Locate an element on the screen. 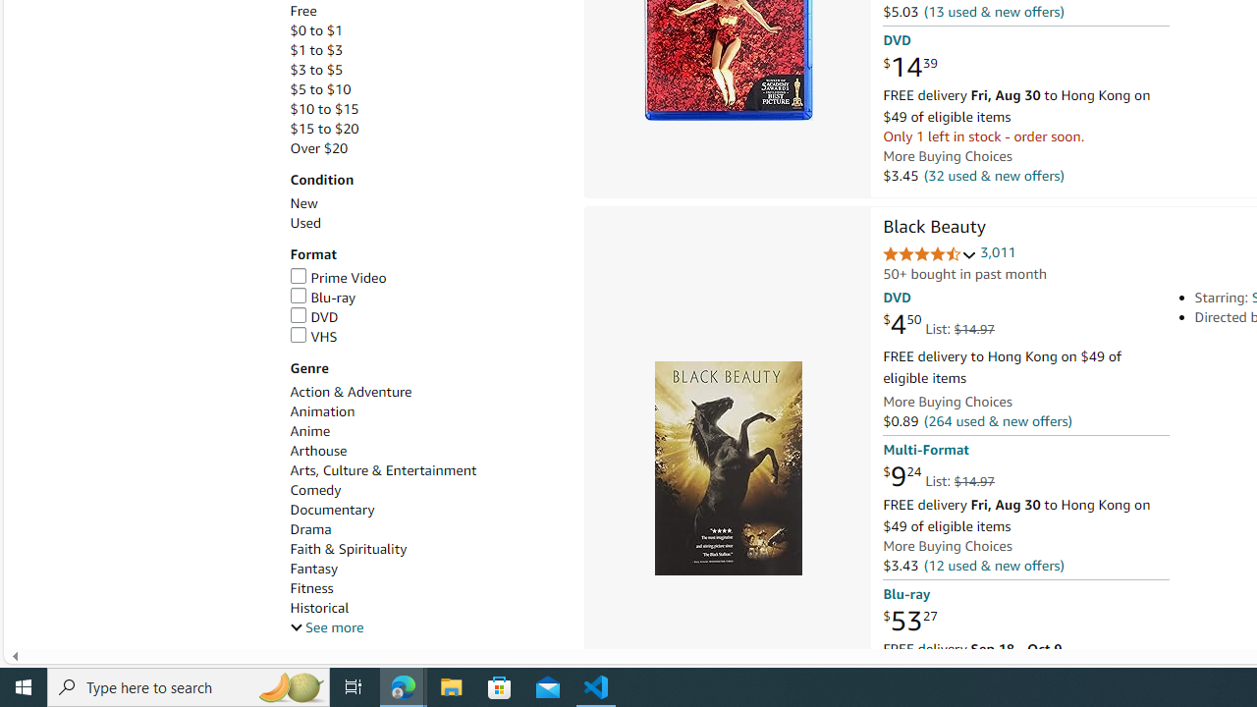 The height and width of the screenshot is (707, 1257). '(32 used & new offers)' is located at coordinates (993, 175).